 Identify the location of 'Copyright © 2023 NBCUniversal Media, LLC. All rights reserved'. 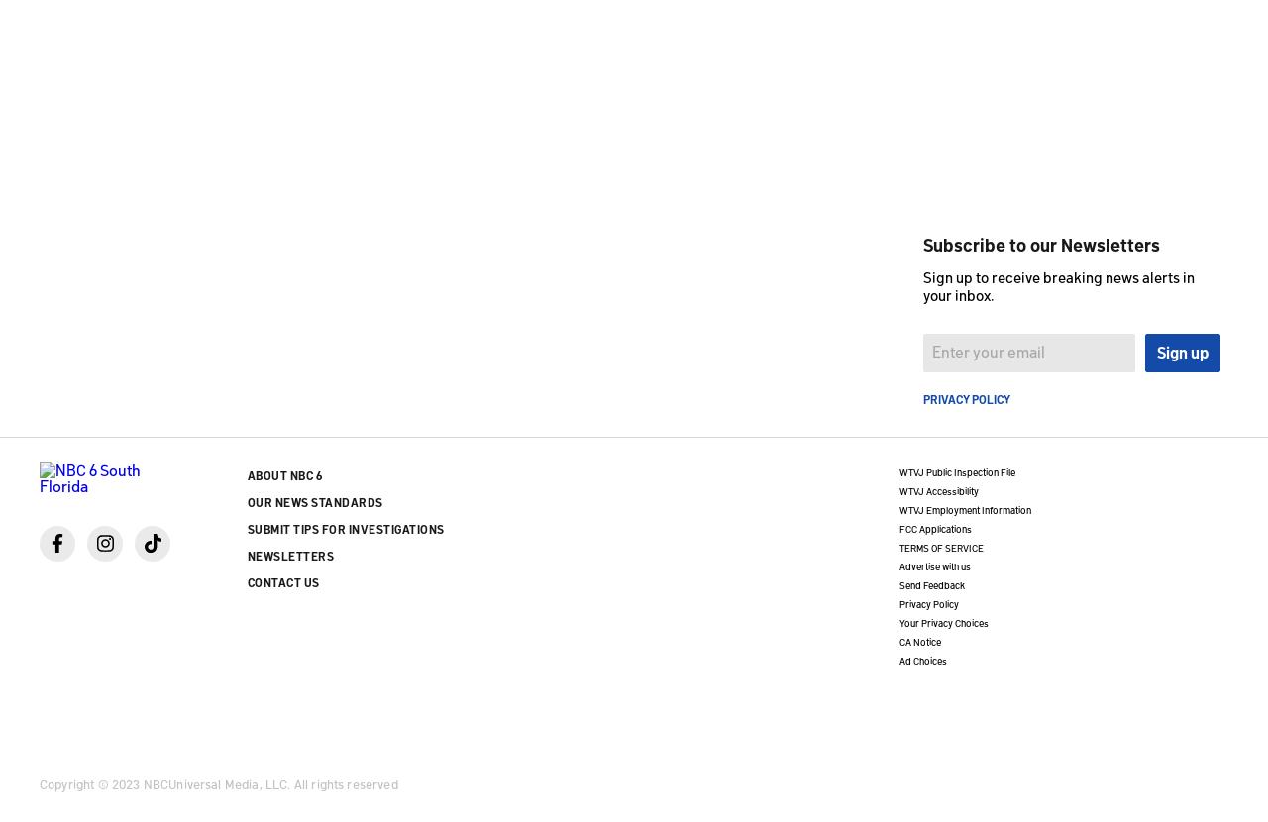
(218, 781).